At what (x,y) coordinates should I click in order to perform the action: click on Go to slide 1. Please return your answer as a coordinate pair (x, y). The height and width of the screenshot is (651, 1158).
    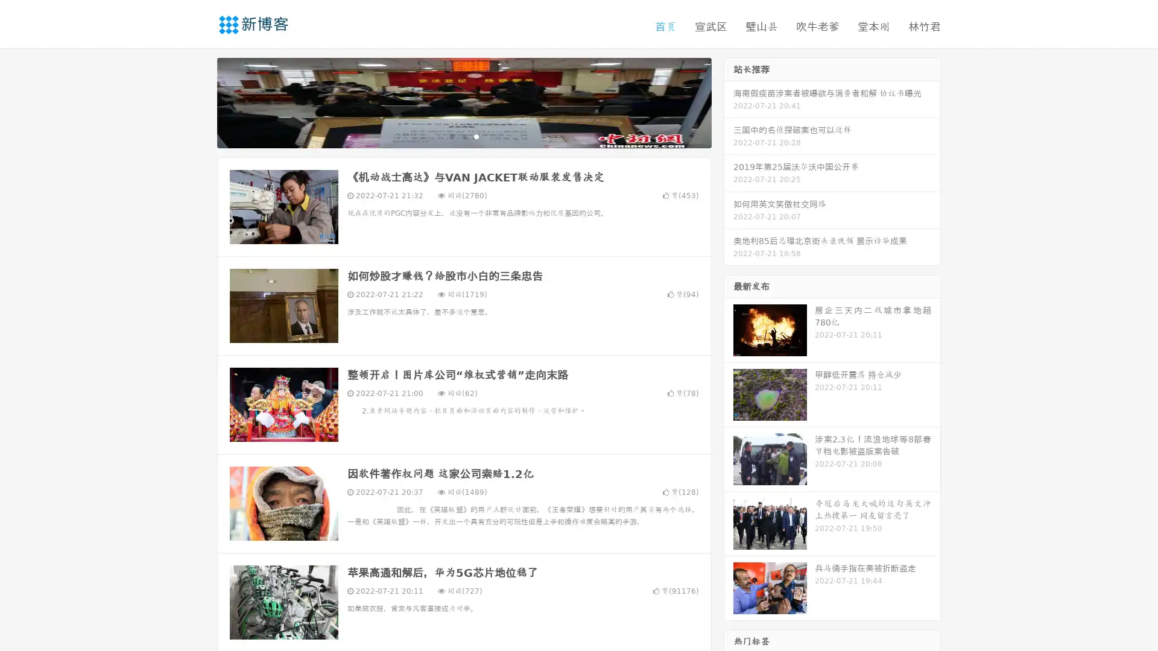
    Looking at the image, I should click on (451, 136).